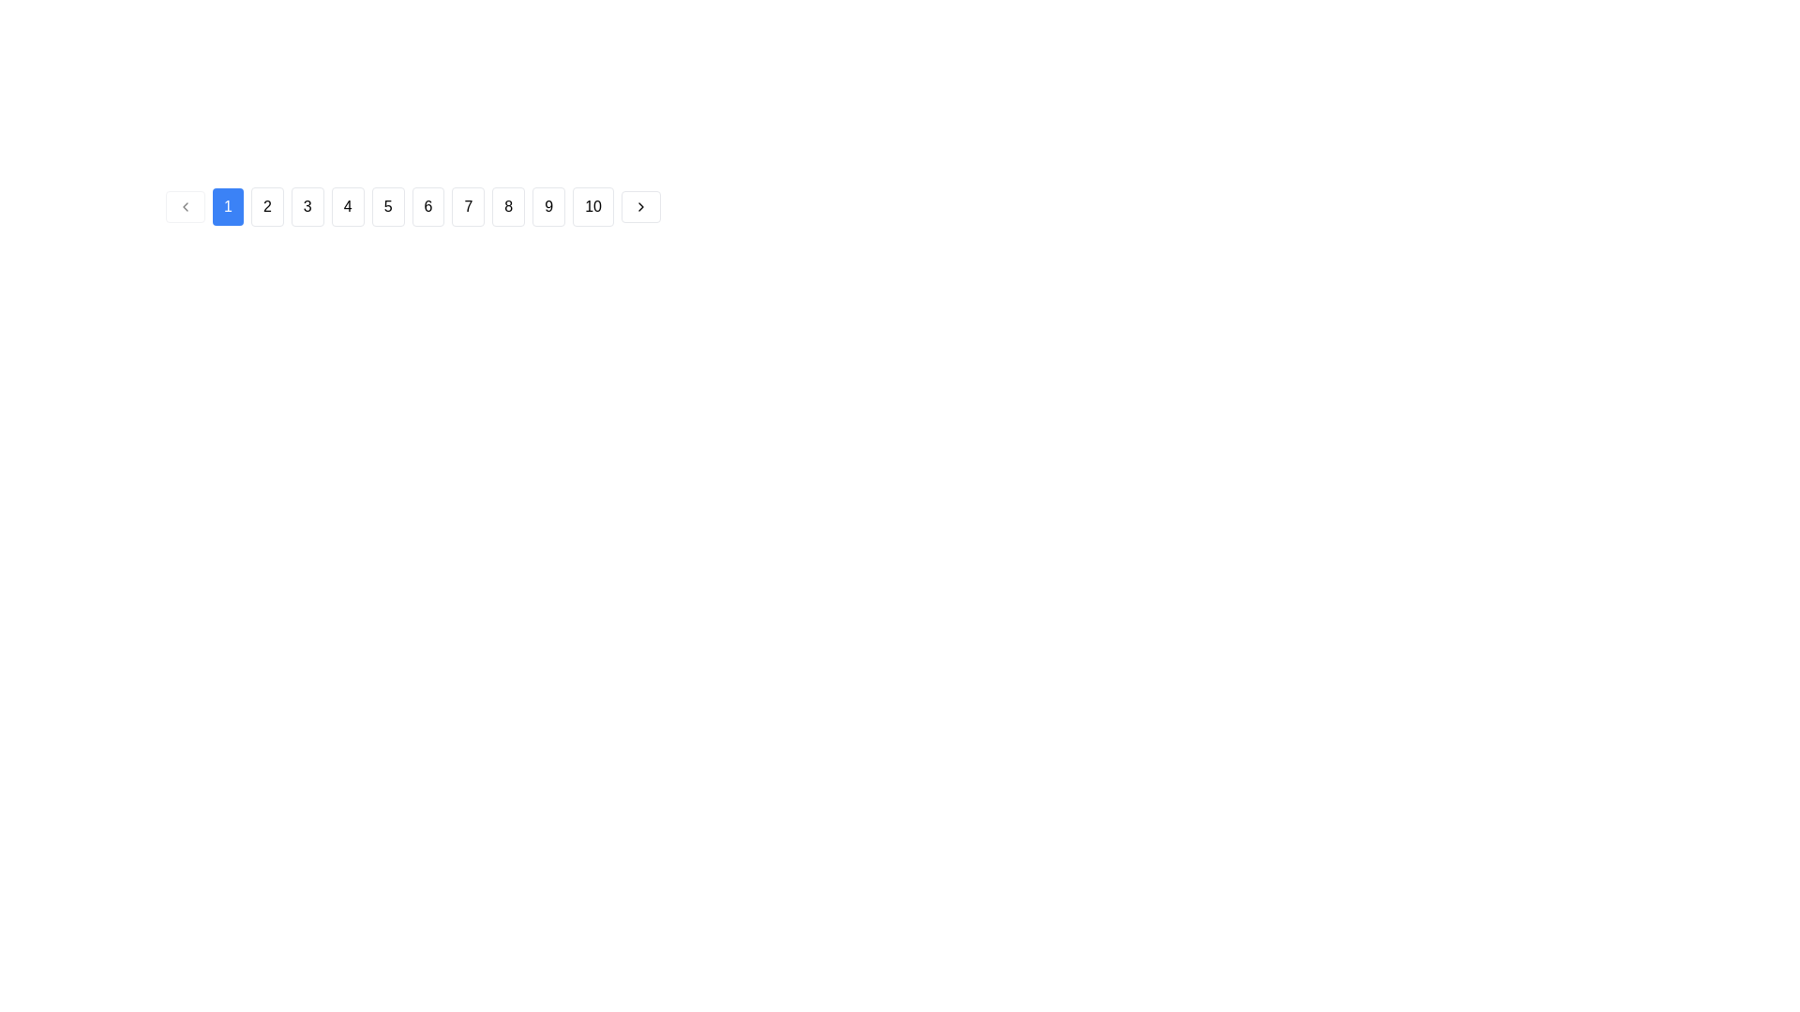  I want to click on the pagination button located at the end of a navigation bar, which allows proceeding to the next set of items, so click(640, 206).